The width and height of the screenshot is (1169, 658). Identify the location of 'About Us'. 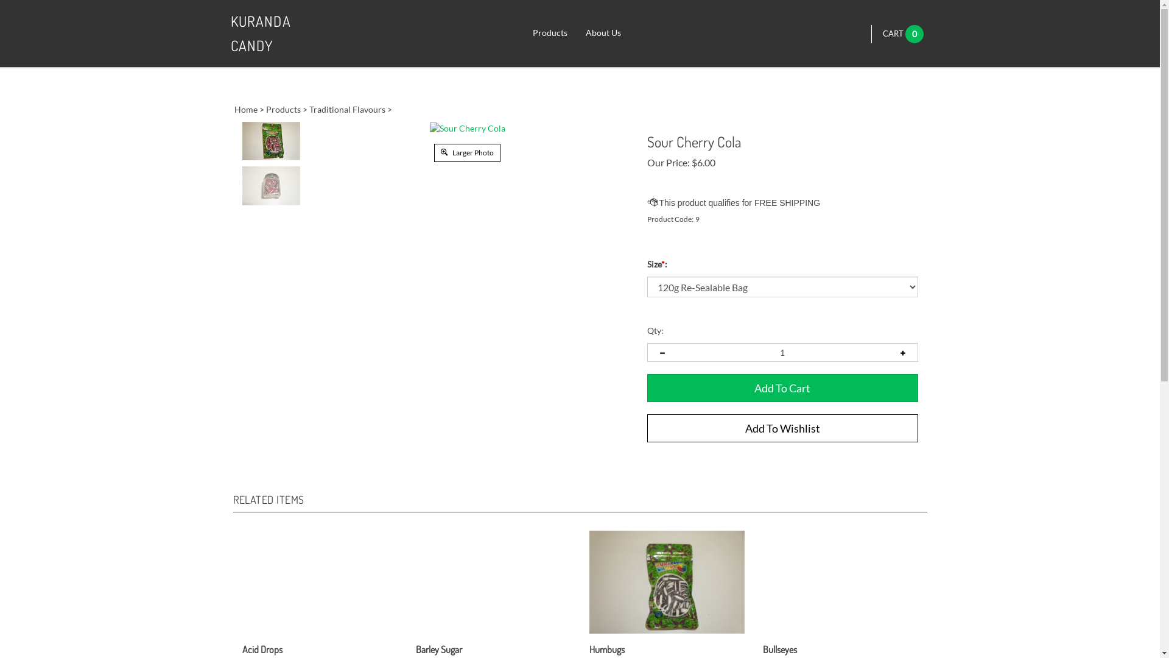
(603, 33).